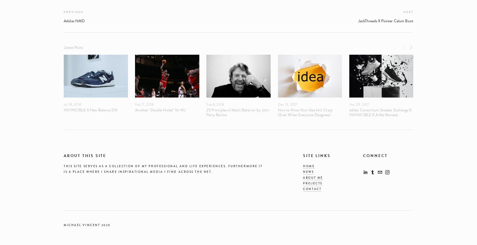 The height and width of the screenshot is (245, 477). What do you see at coordinates (408, 11) in the screenshot?
I see `'Next'` at bounding box center [408, 11].